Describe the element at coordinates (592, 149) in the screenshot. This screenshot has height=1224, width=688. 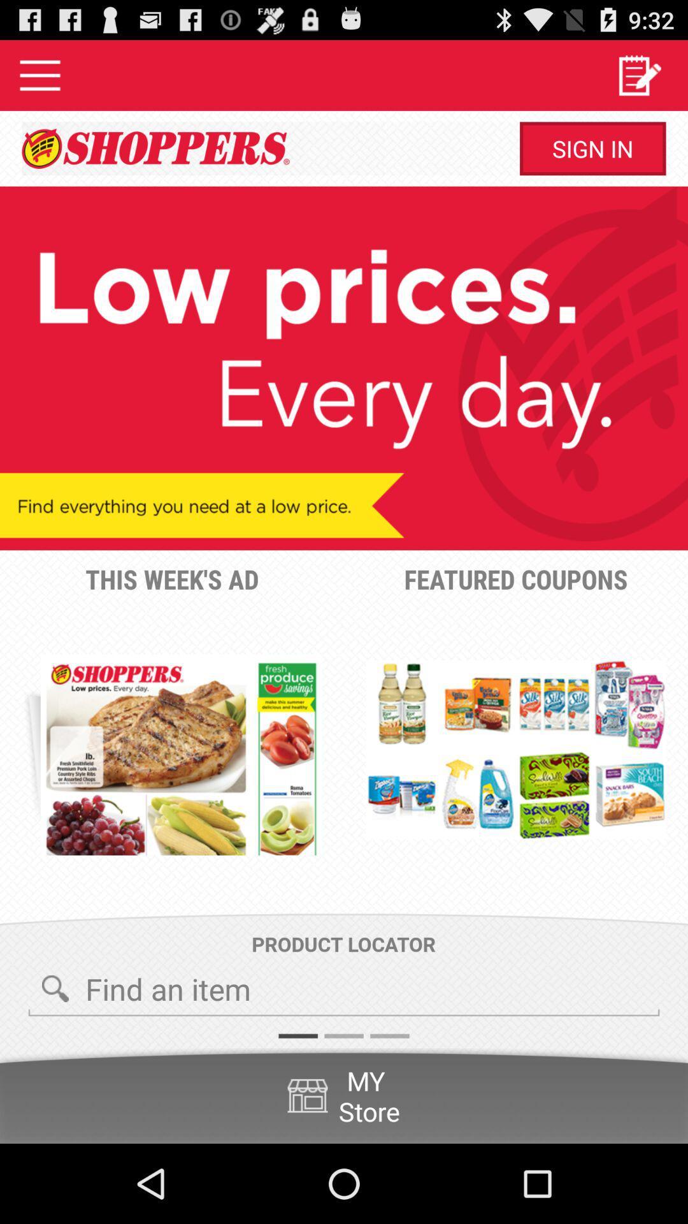
I see `sign in item` at that location.